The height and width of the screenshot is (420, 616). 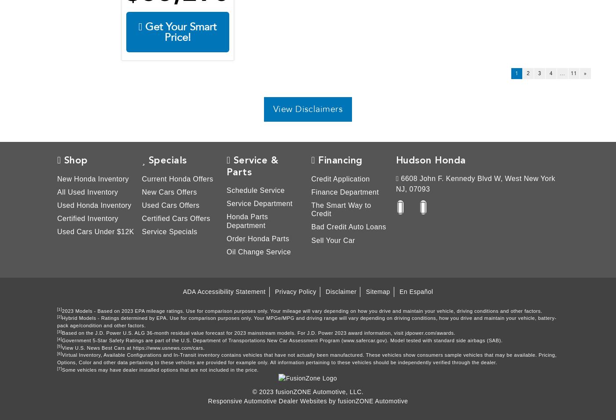 I want to click on 'Credit Application', so click(x=340, y=178).